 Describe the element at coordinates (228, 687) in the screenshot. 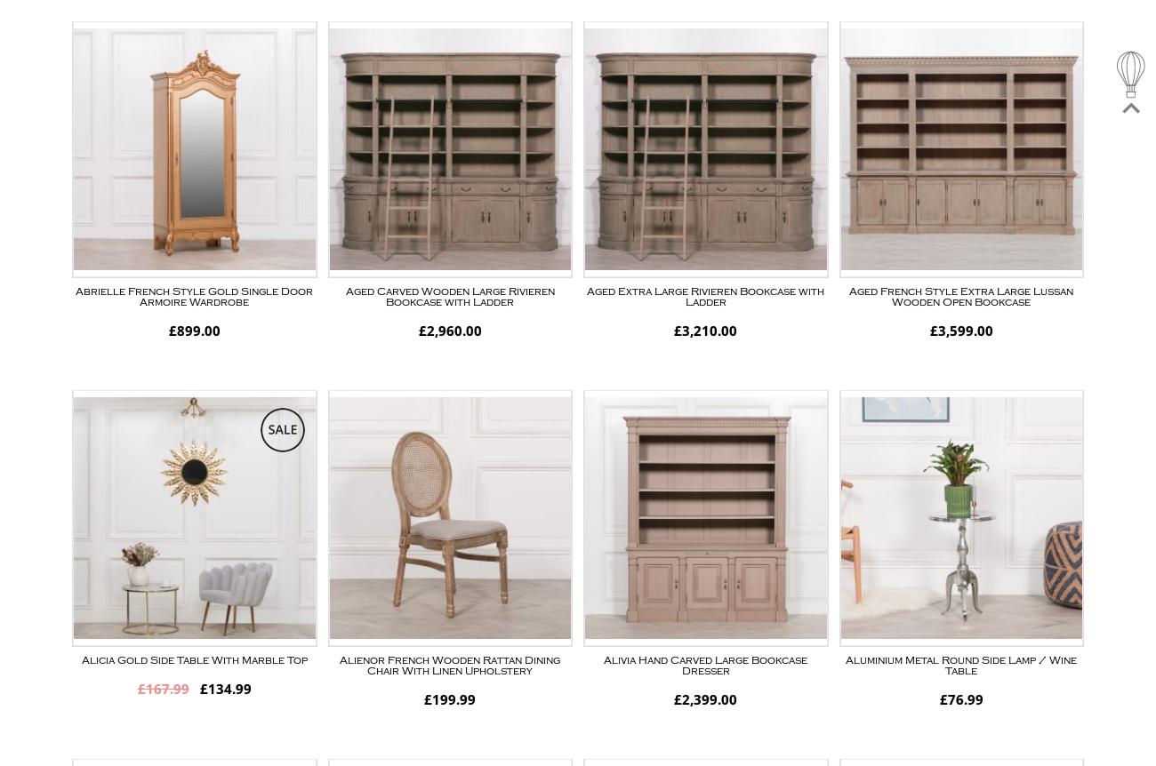

I see `'134.99'` at that location.